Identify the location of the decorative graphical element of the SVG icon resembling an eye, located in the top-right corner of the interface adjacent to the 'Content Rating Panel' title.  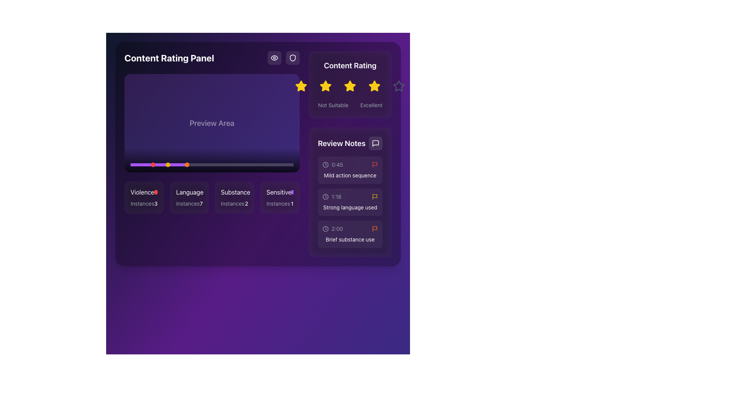
(274, 57).